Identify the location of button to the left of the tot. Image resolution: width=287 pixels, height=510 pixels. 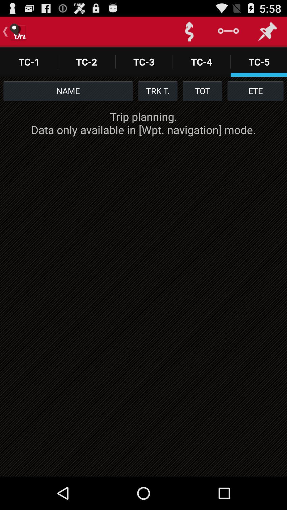
(158, 91).